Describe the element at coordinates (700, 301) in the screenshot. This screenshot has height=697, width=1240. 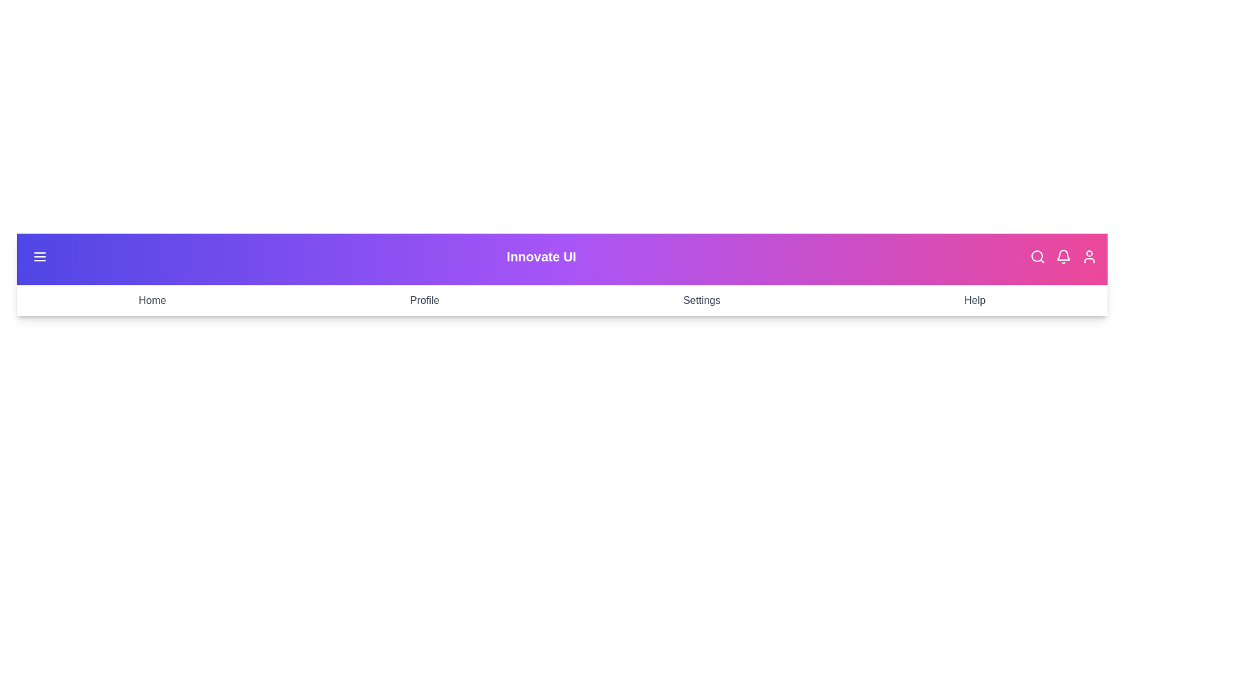
I see `the menu item labeled Settings to navigate to the corresponding section` at that location.